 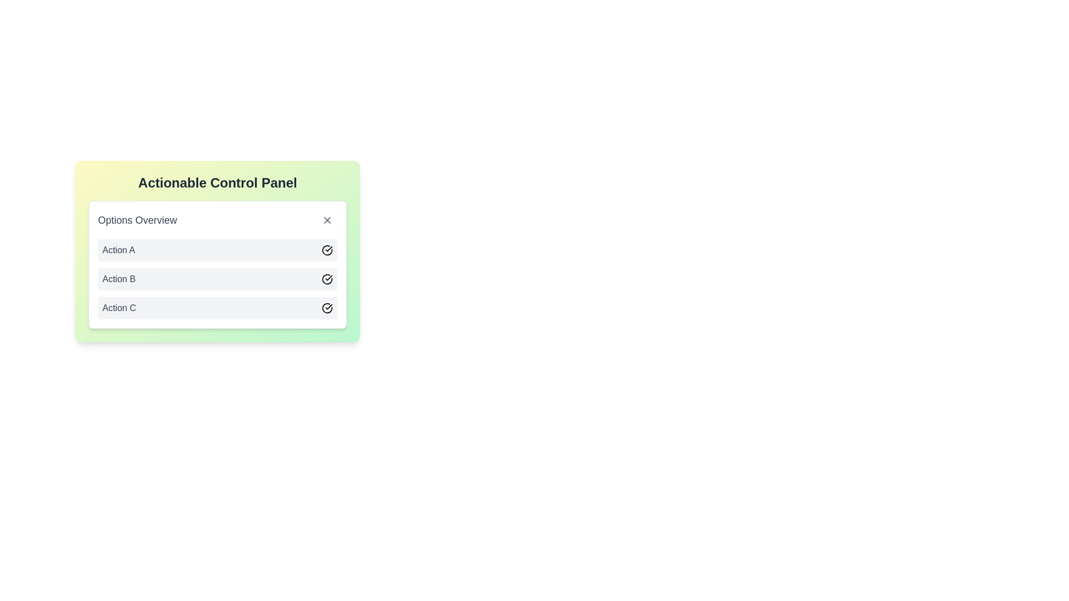 I want to click on the circular checkmark icon indicating confirmation, located on the far right of the row labeled 'Action C' in the control panel, so click(x=327, y=308).